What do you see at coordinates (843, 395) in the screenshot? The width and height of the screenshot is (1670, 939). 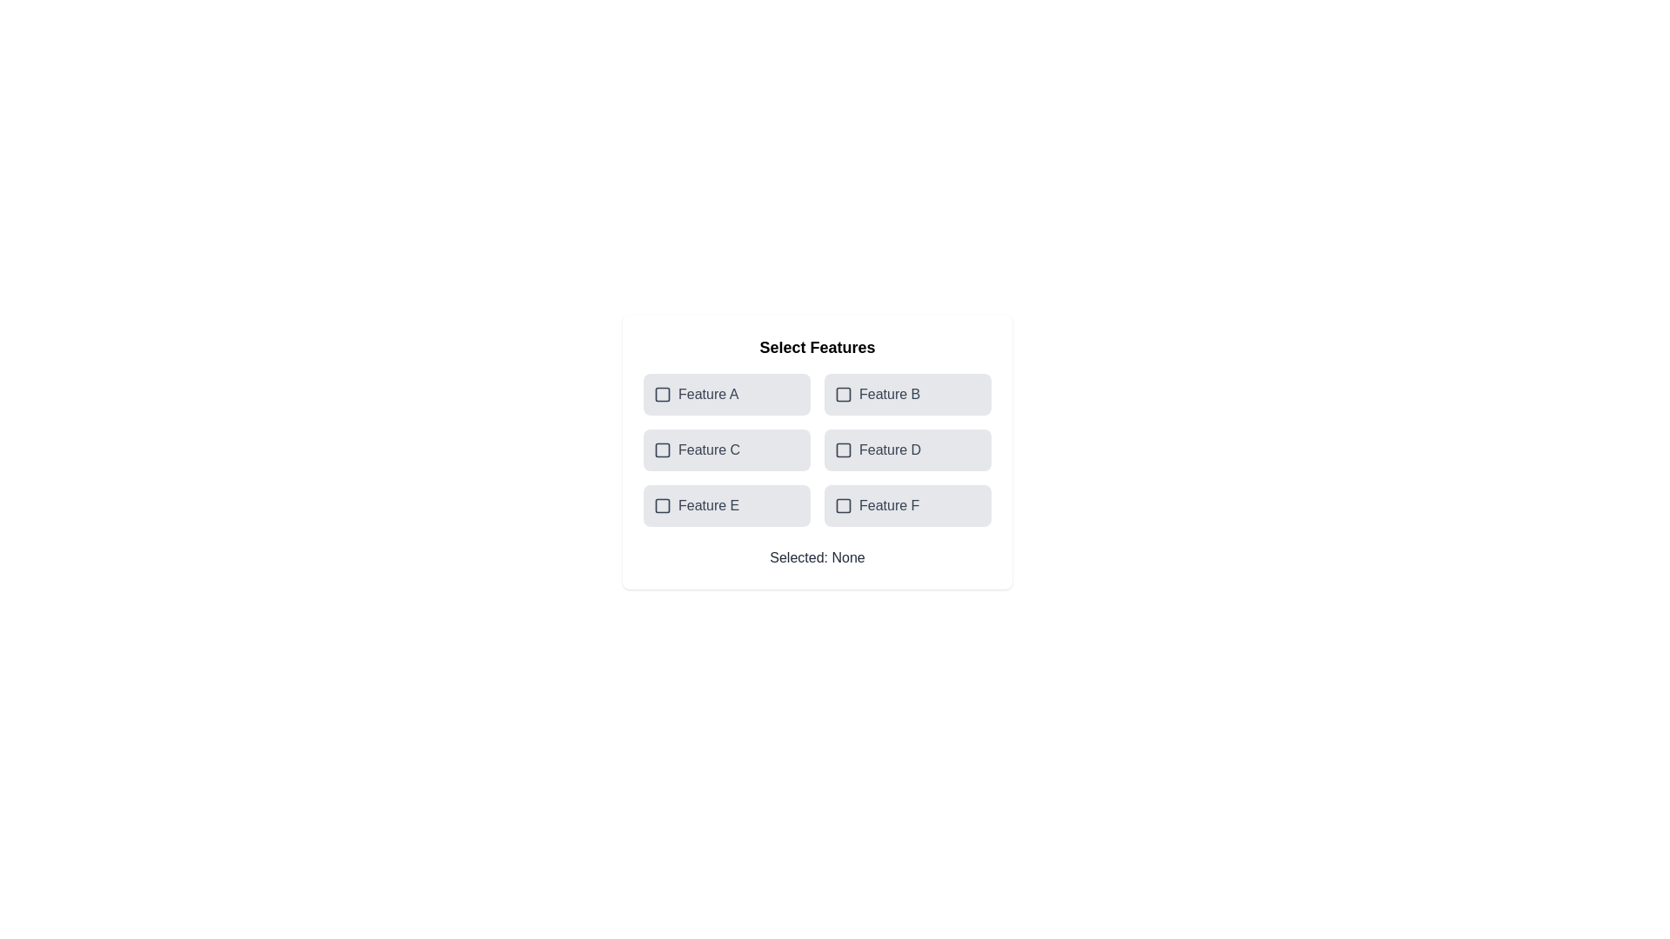 I see `the checkbox for 'Feature B' located on the right side of the 'Feature B' label in the second column's top row within the 'Select Features' group` at bounding box center [843, 395].